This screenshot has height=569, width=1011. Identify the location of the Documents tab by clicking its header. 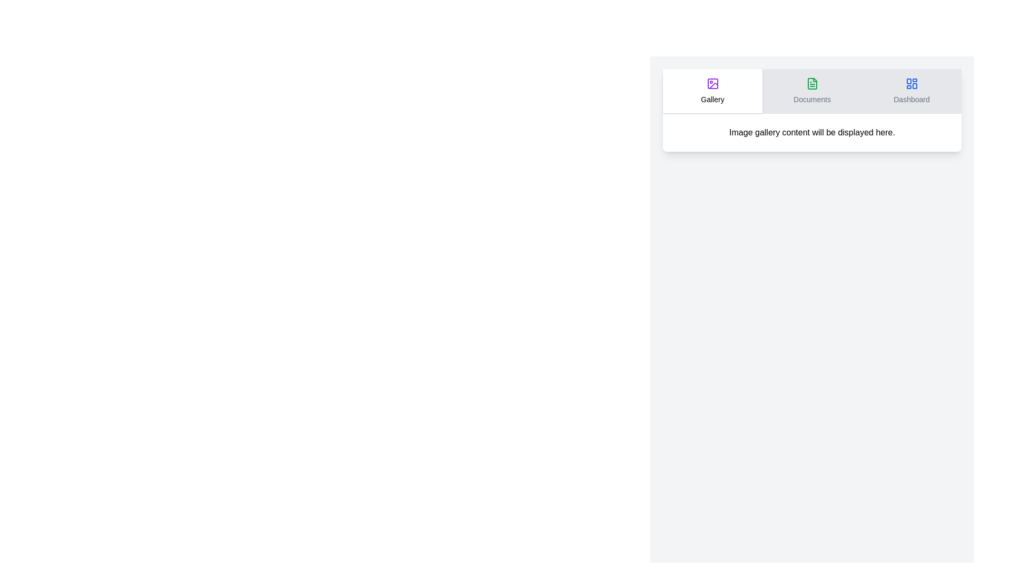
(811, 91).